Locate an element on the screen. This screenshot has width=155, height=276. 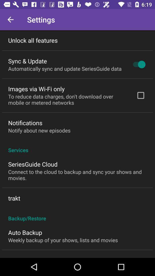
the unlock all features is located at coordinates (33, 40).